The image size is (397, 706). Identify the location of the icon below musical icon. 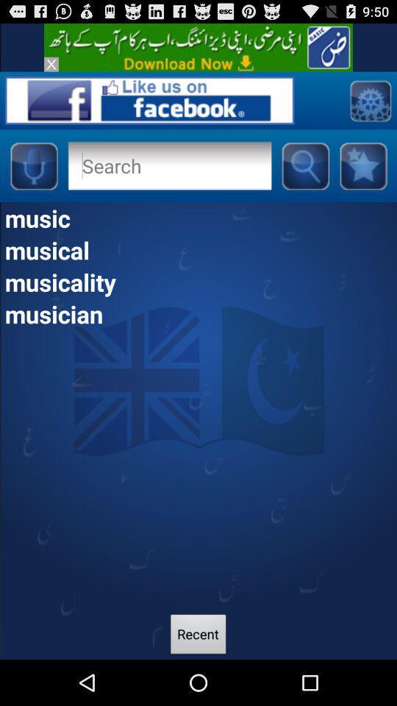
(198, 281).